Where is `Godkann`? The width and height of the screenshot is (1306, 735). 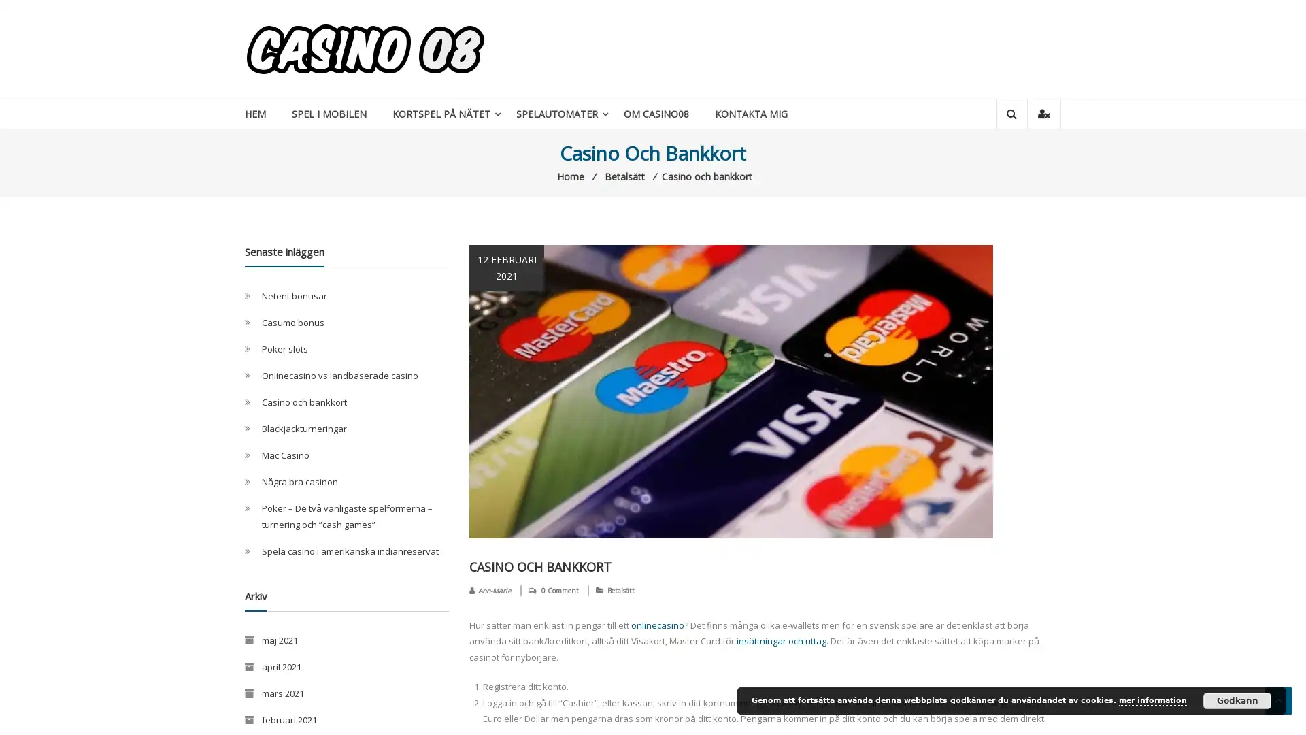
Godkann is located at coordinates (1237, 700).